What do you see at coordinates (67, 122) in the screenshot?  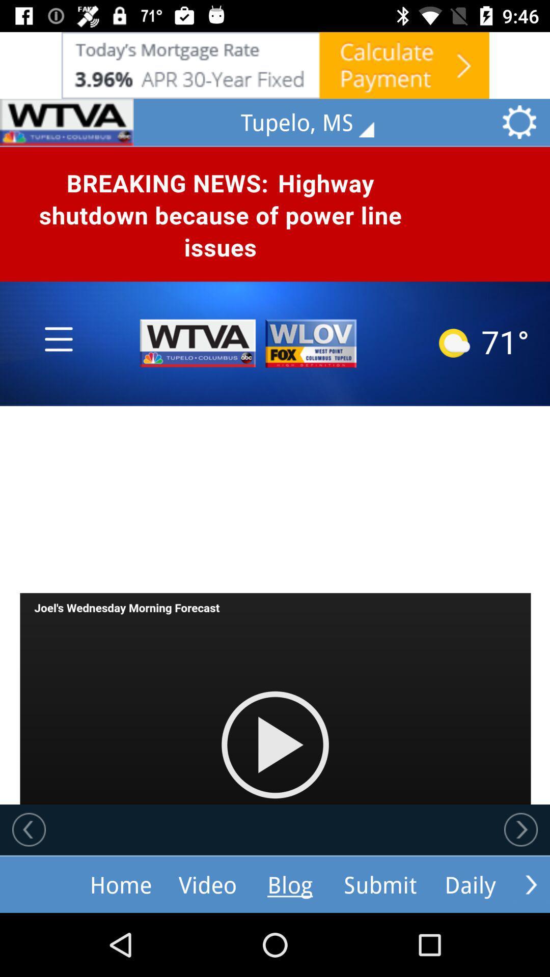 I see `wtva icon` at bounding box center [67, 122].